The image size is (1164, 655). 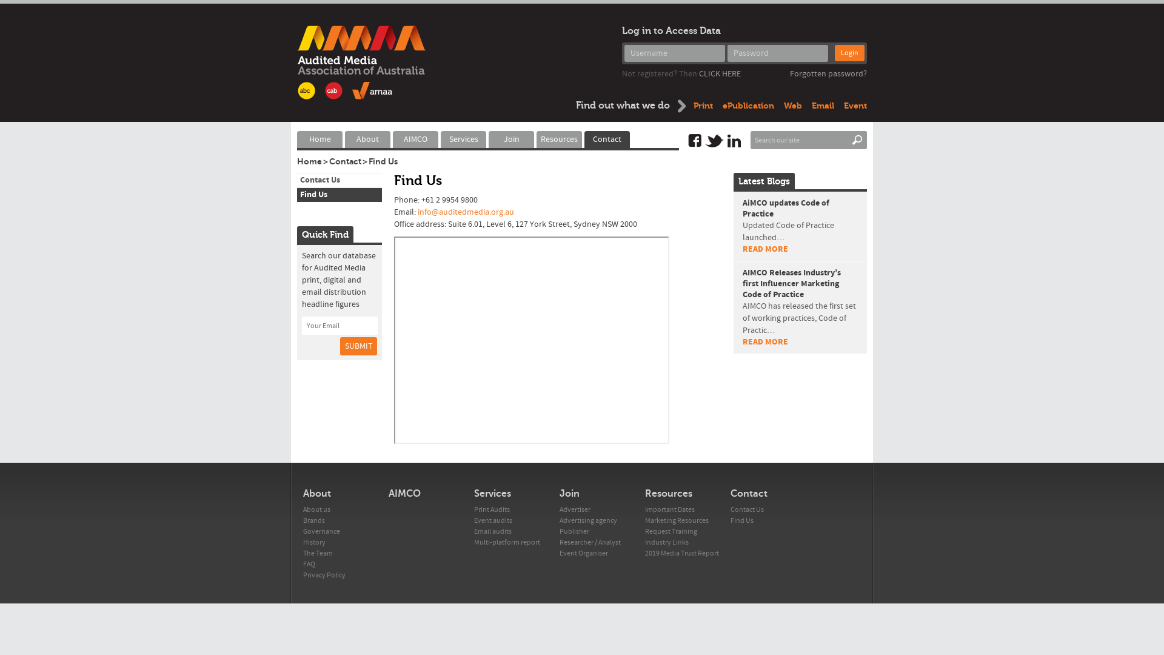 I want to click on 'Email audits', so click(x=492, y=531).